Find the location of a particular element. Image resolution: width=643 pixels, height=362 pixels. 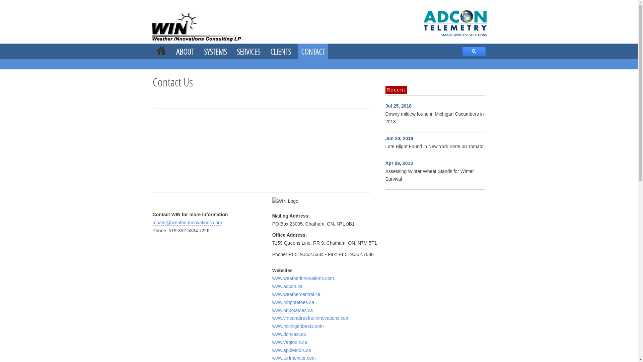

'CLIENTS' is located at coordinates (280, 51).